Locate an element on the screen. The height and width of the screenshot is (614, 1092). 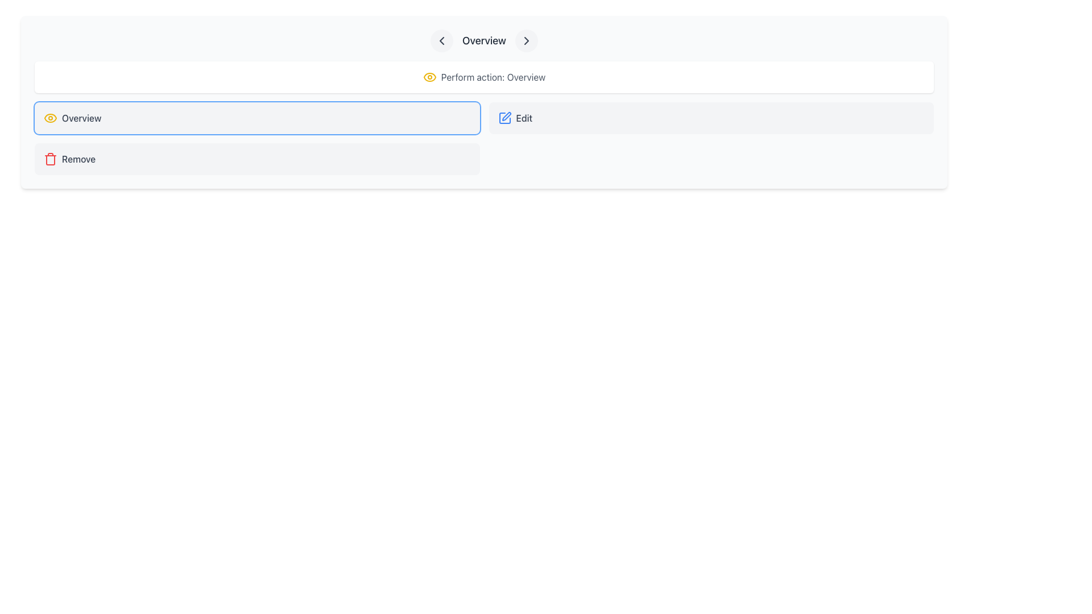
the eye icon that symbolizes visibility, which is styled in yellow and is positioned next to the label 'Perform action: Overview' is located at coordinates (429, 77).